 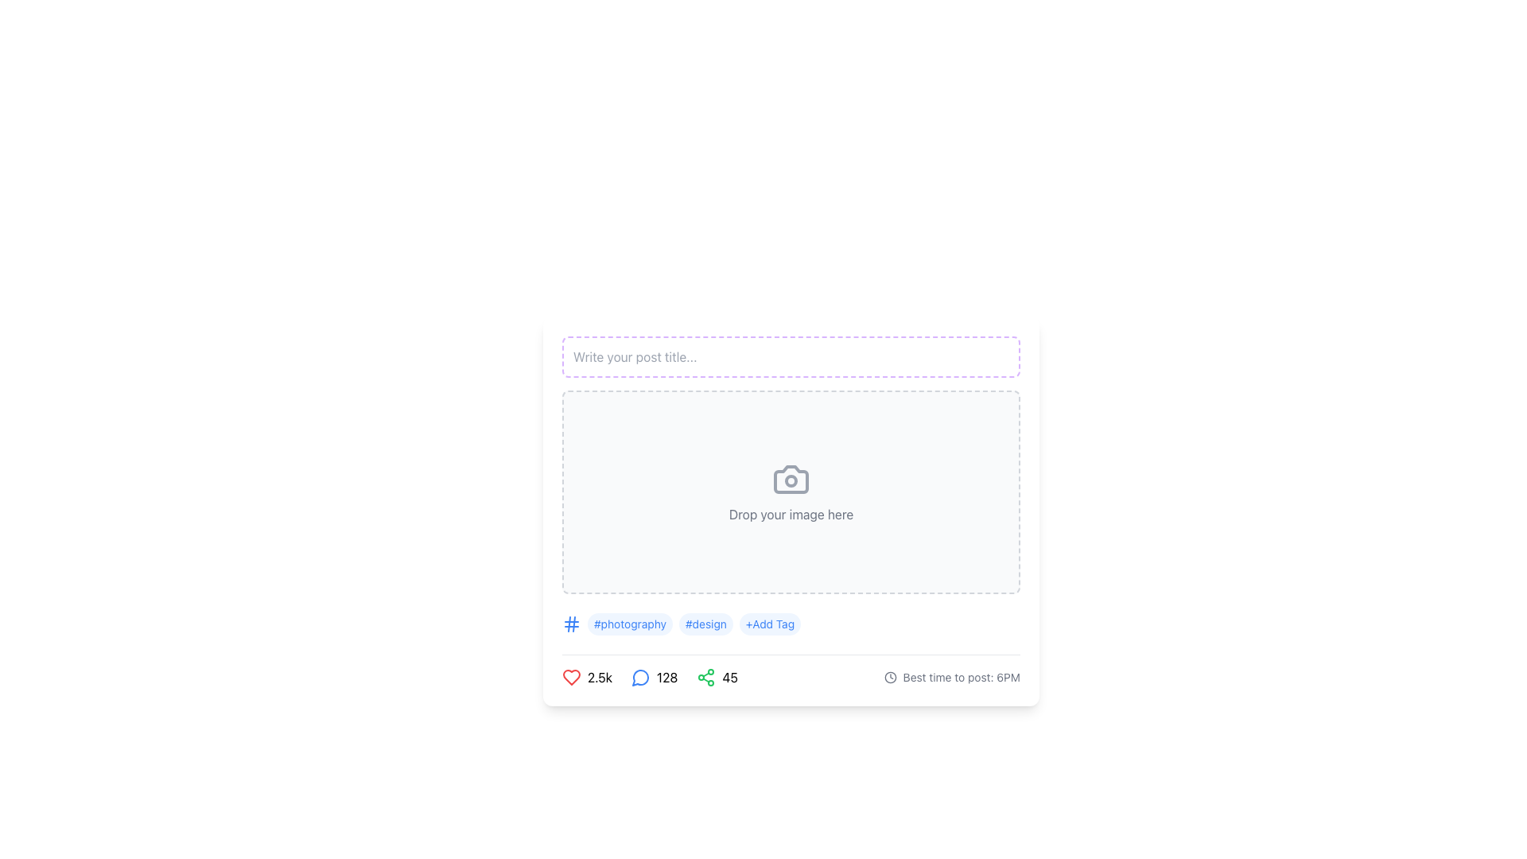 What do you see at coordinates (791, 491) in the screenshot?
I see `the Dropzone area, which has dashed borders and a light gray background with a camera icon and the text 'Drop your image here'` at bounding box center [791, 491].